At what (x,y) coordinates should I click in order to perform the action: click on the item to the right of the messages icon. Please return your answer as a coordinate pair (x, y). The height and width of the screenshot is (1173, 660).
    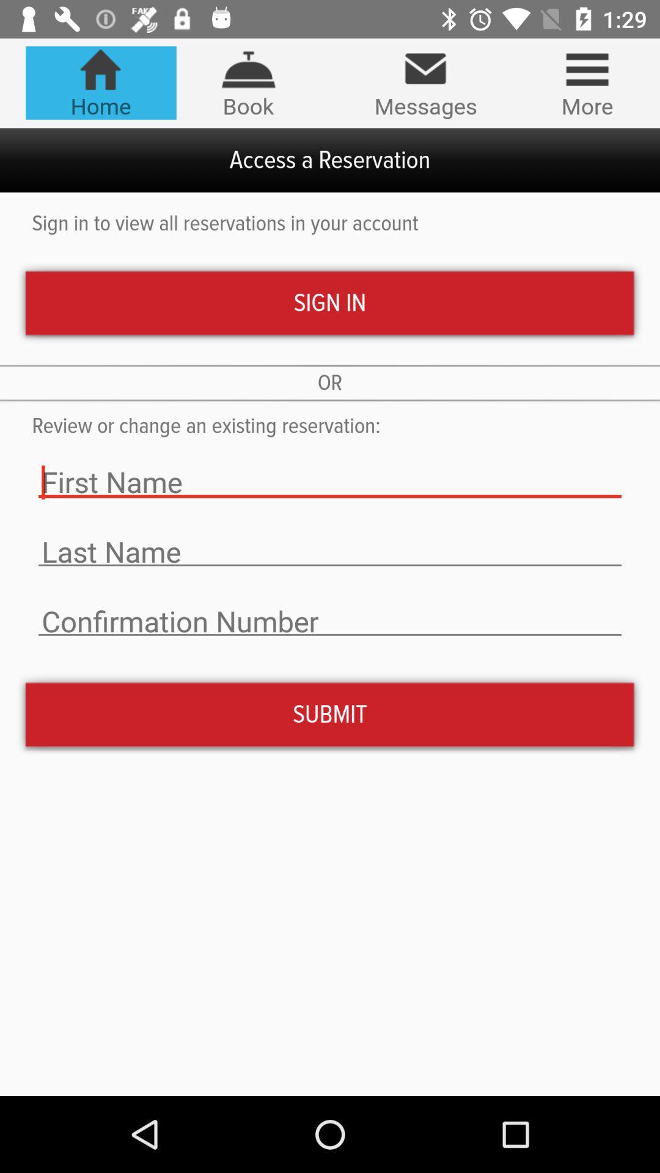
    Looking at the image, I should click on (587, 82).